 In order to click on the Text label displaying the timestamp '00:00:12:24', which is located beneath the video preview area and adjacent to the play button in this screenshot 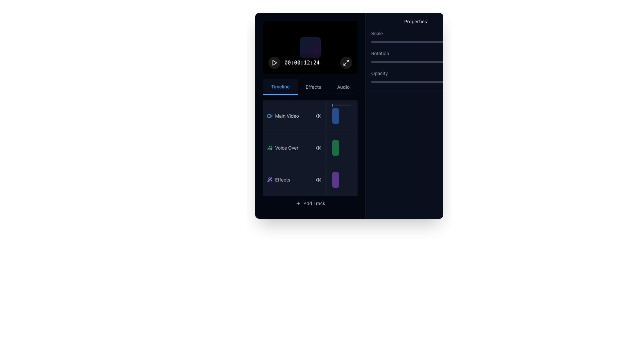, I will do `click(301, 62)`.